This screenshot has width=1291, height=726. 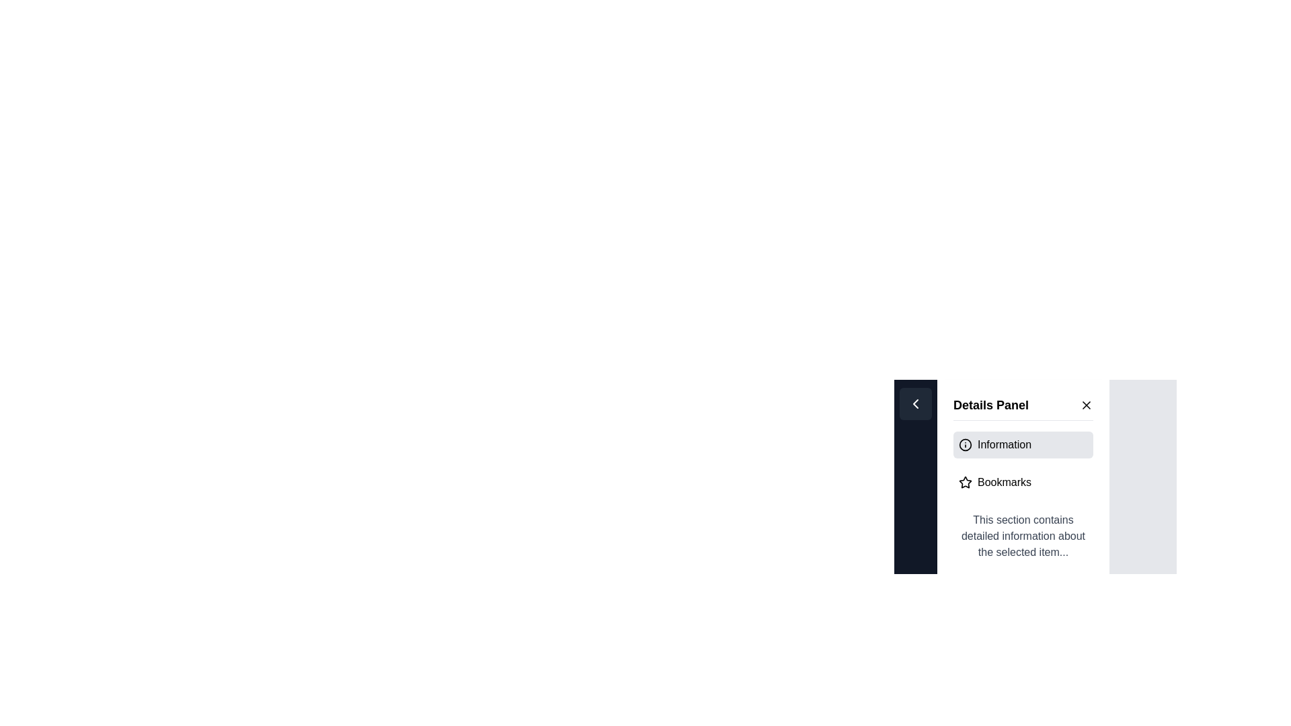 I want to click on the star-shaped icon located to the left of the 'Bookmarks' button in the 'Details Panel' if it is linked, so click(x=964, y=481).